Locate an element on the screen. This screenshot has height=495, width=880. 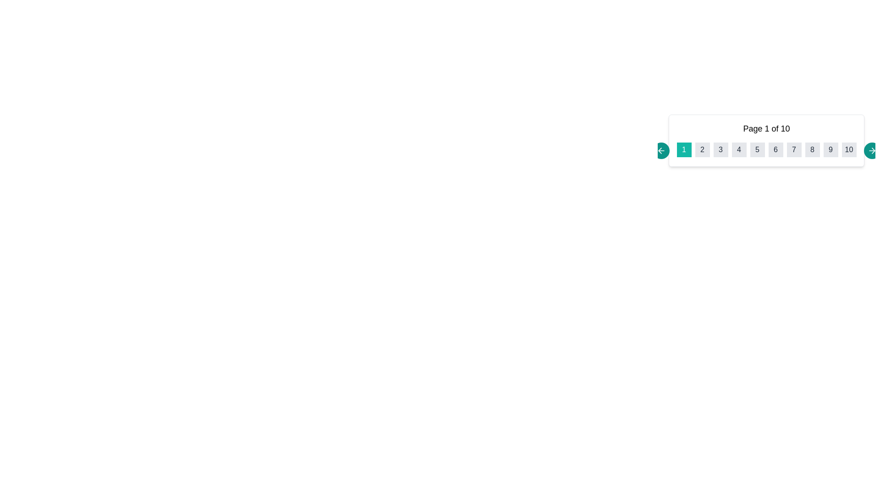
the square-shaped button with a light gray background and dark text displaying the number '9' is located at coordinates (830, 149).